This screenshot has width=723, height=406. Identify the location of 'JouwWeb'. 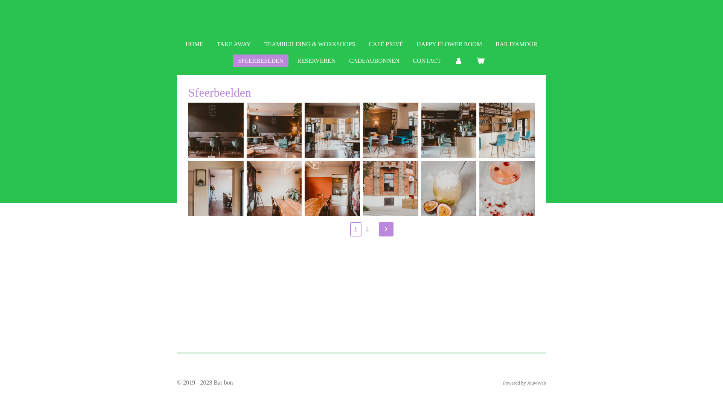
(536, 383).